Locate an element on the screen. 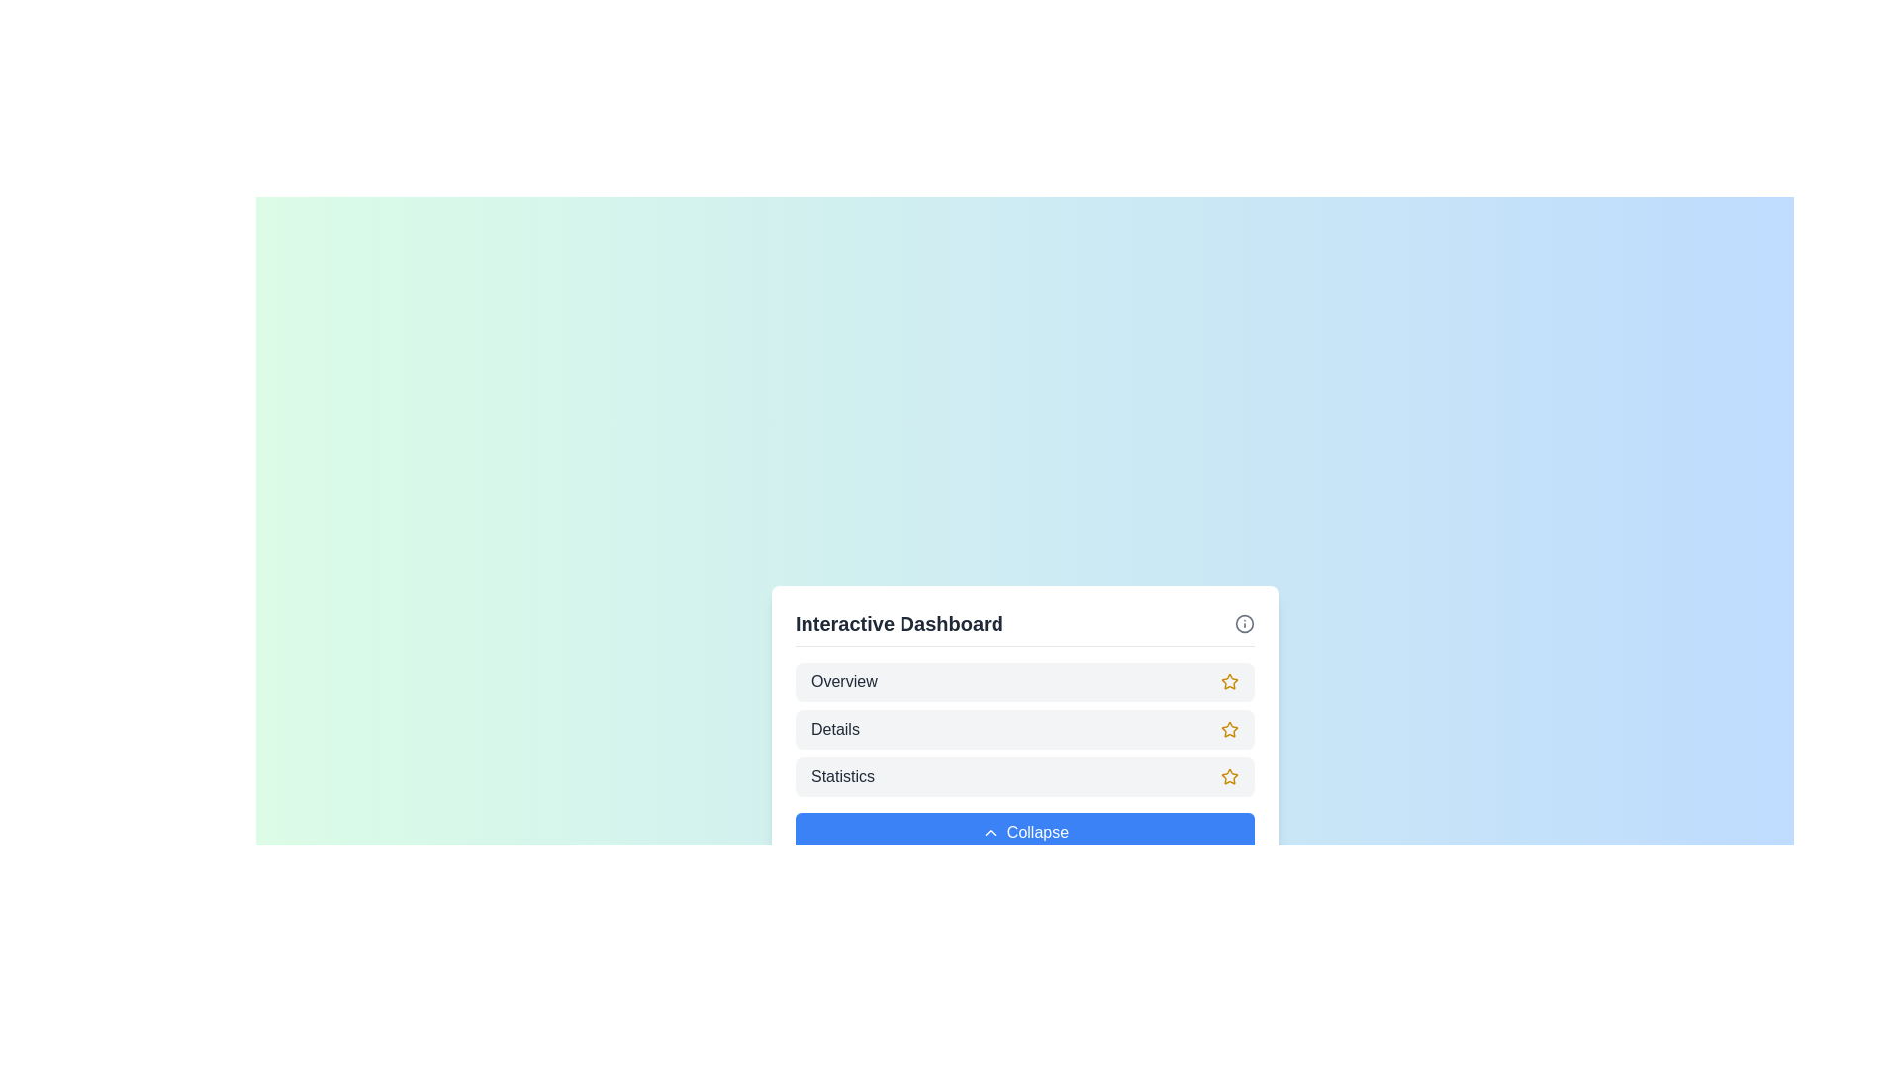 This screenshot has height=1068, width=1900. the bottommost button within the 'Interactive Dashboard' widget is located at coordinates (1025, 831).